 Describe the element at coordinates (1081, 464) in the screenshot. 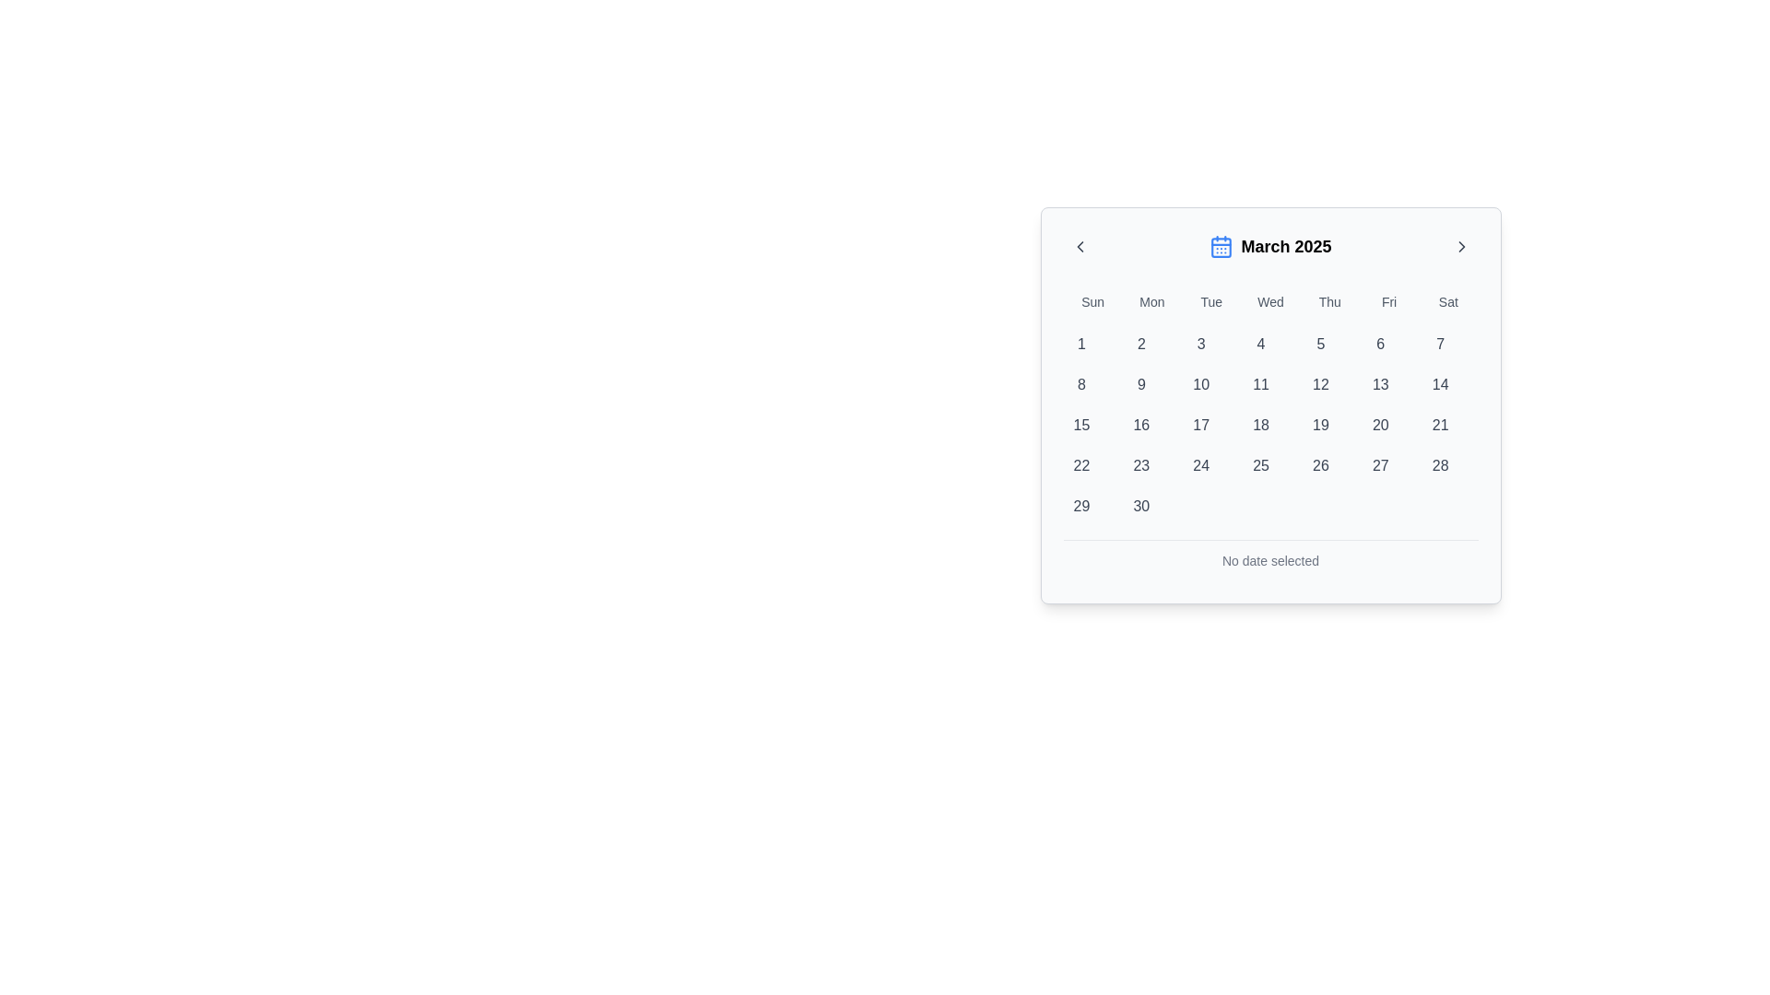

I see `the selectable date option button for March 22nd, 2025, located in the fourth row, first column of the calendar interface` at that location.